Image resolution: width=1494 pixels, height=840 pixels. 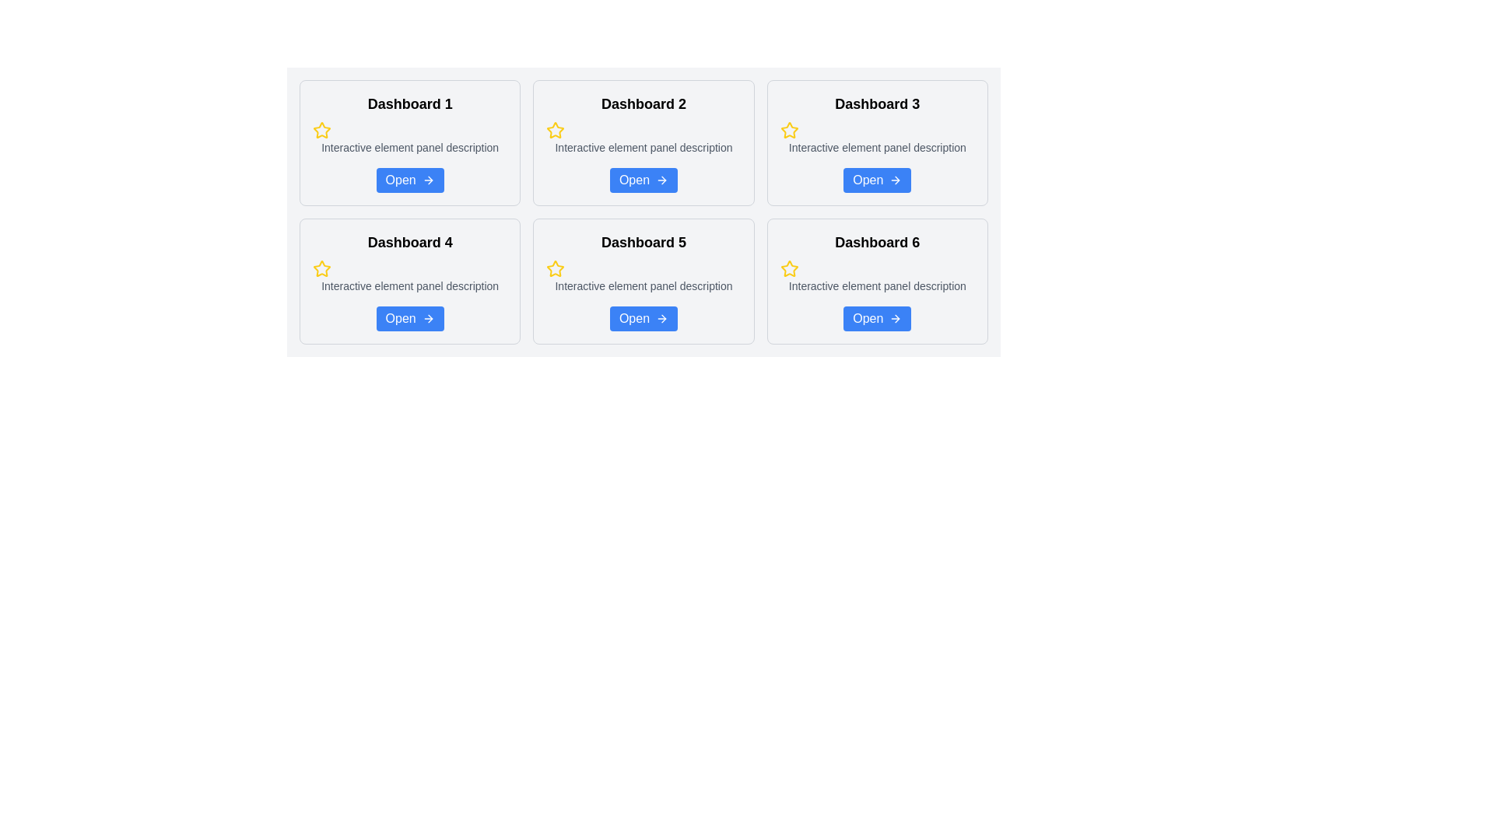 What do you see at coordinates (664, 179) in the screenshot?
I see `the arrow icon within the 'Open' button for the second dashboard in the first row of the 3x2 grid layout` at bounding box center [664, 179].